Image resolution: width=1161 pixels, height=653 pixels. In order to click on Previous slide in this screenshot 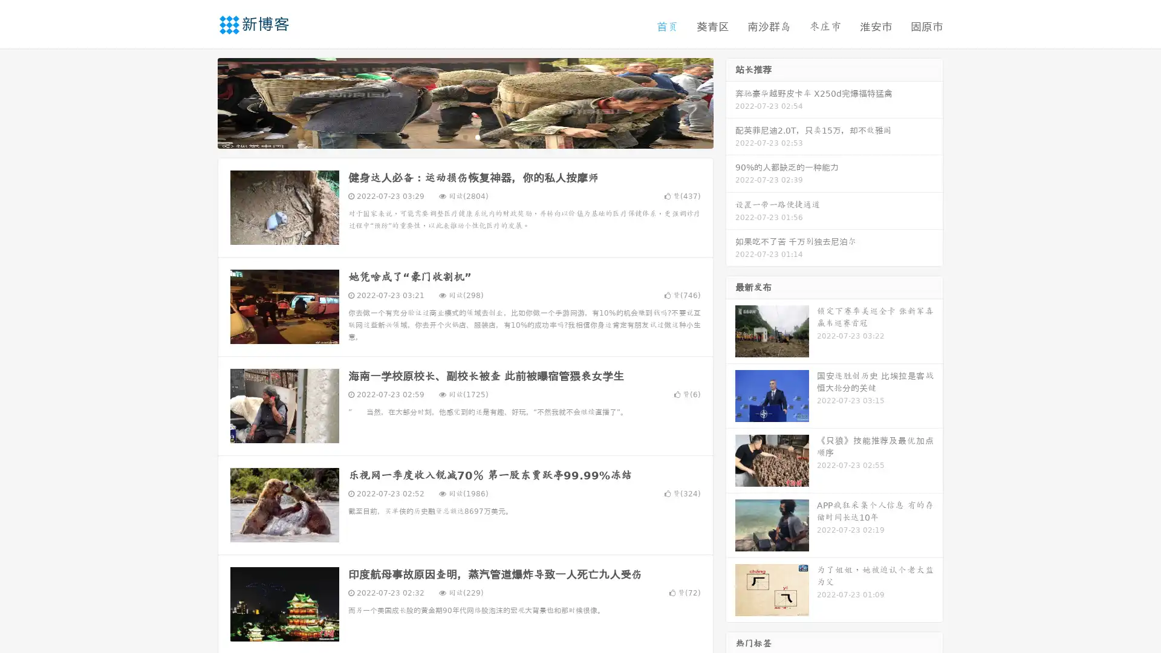, I will do `click(200, 102)`.